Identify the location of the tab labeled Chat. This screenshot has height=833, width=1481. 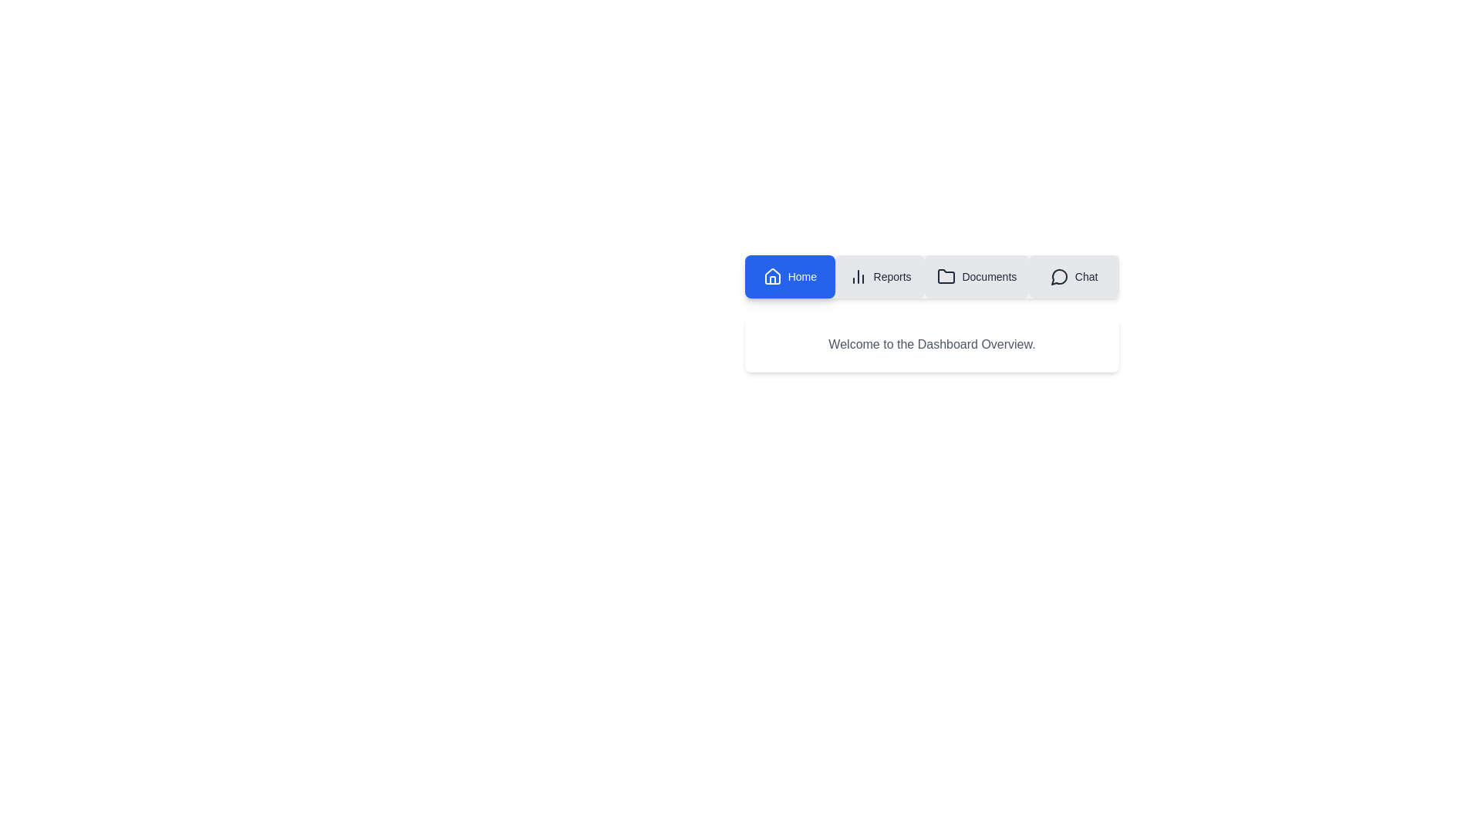
(1073, 275).